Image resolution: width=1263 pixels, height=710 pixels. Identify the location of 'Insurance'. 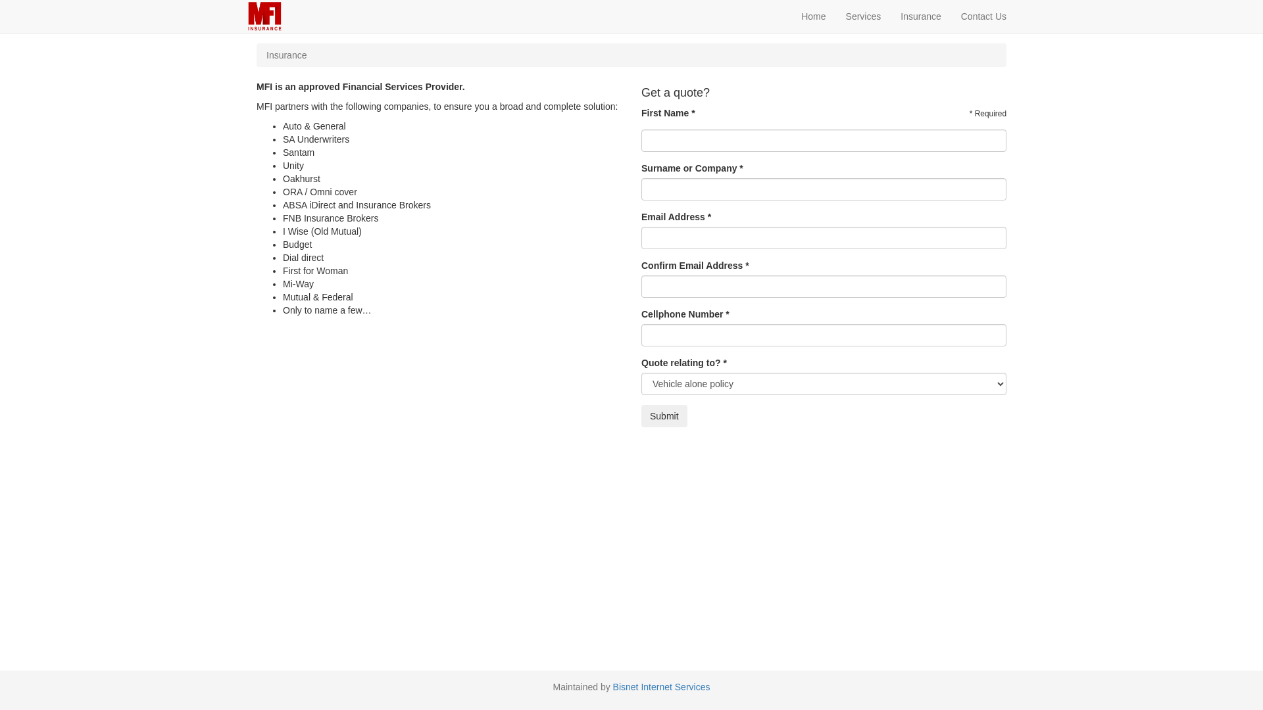
(920, 16).